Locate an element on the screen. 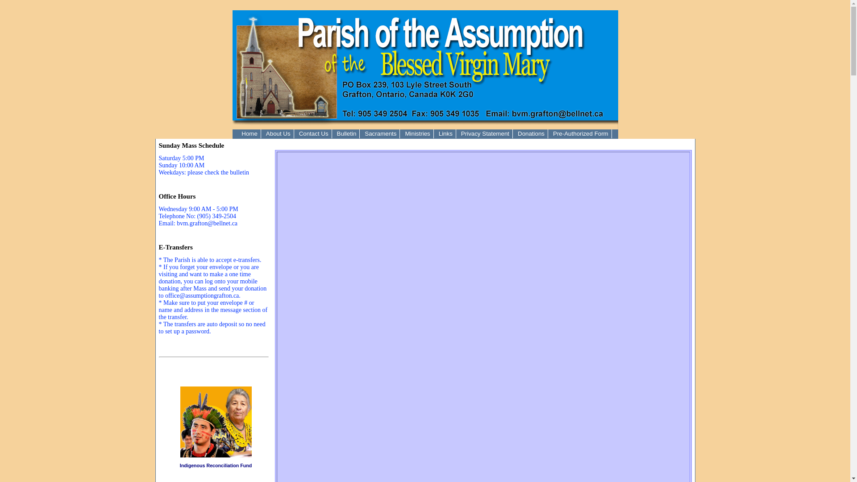 This screenshot has width=857, height=482. 'Pre-Authorized Form' is located at coordinates (581, 133).